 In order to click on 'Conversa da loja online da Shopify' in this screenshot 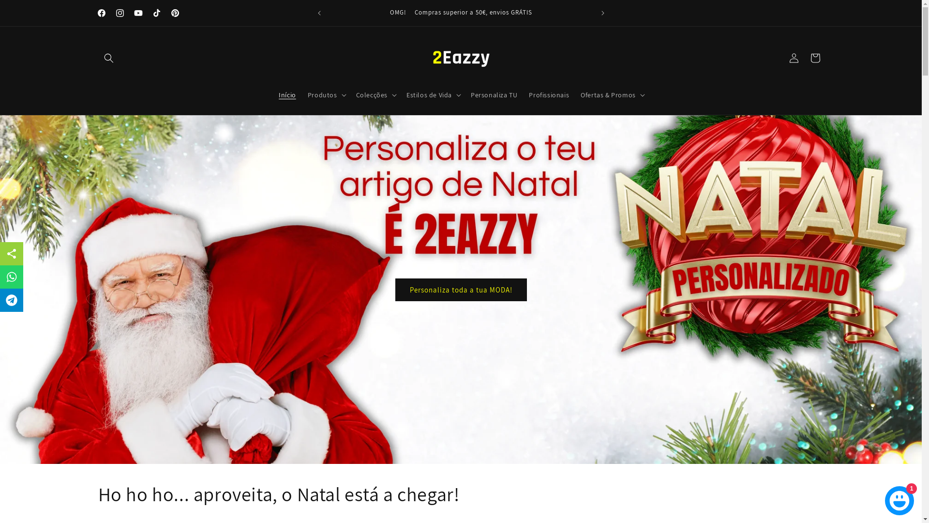, I will do `click(899, 498)`.